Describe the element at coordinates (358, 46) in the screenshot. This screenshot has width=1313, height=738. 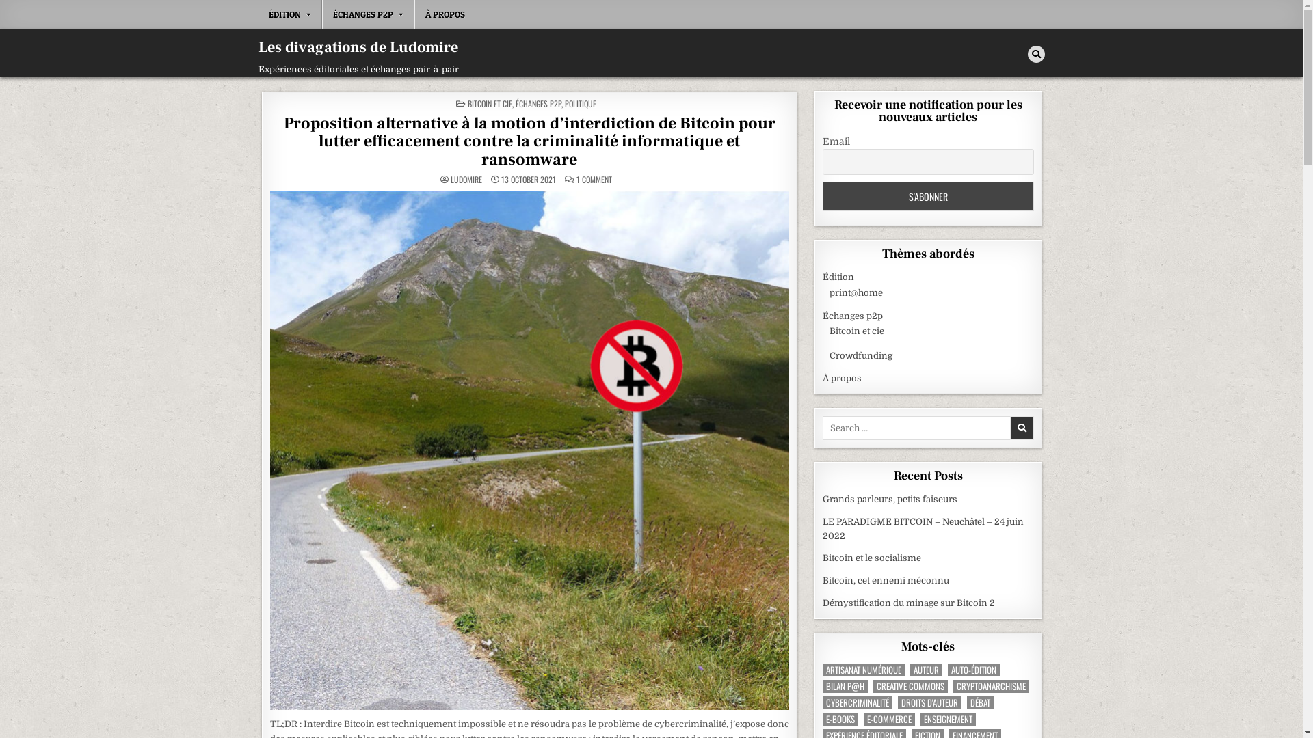
I see `'Les divagations de Ludomire'` at that location.